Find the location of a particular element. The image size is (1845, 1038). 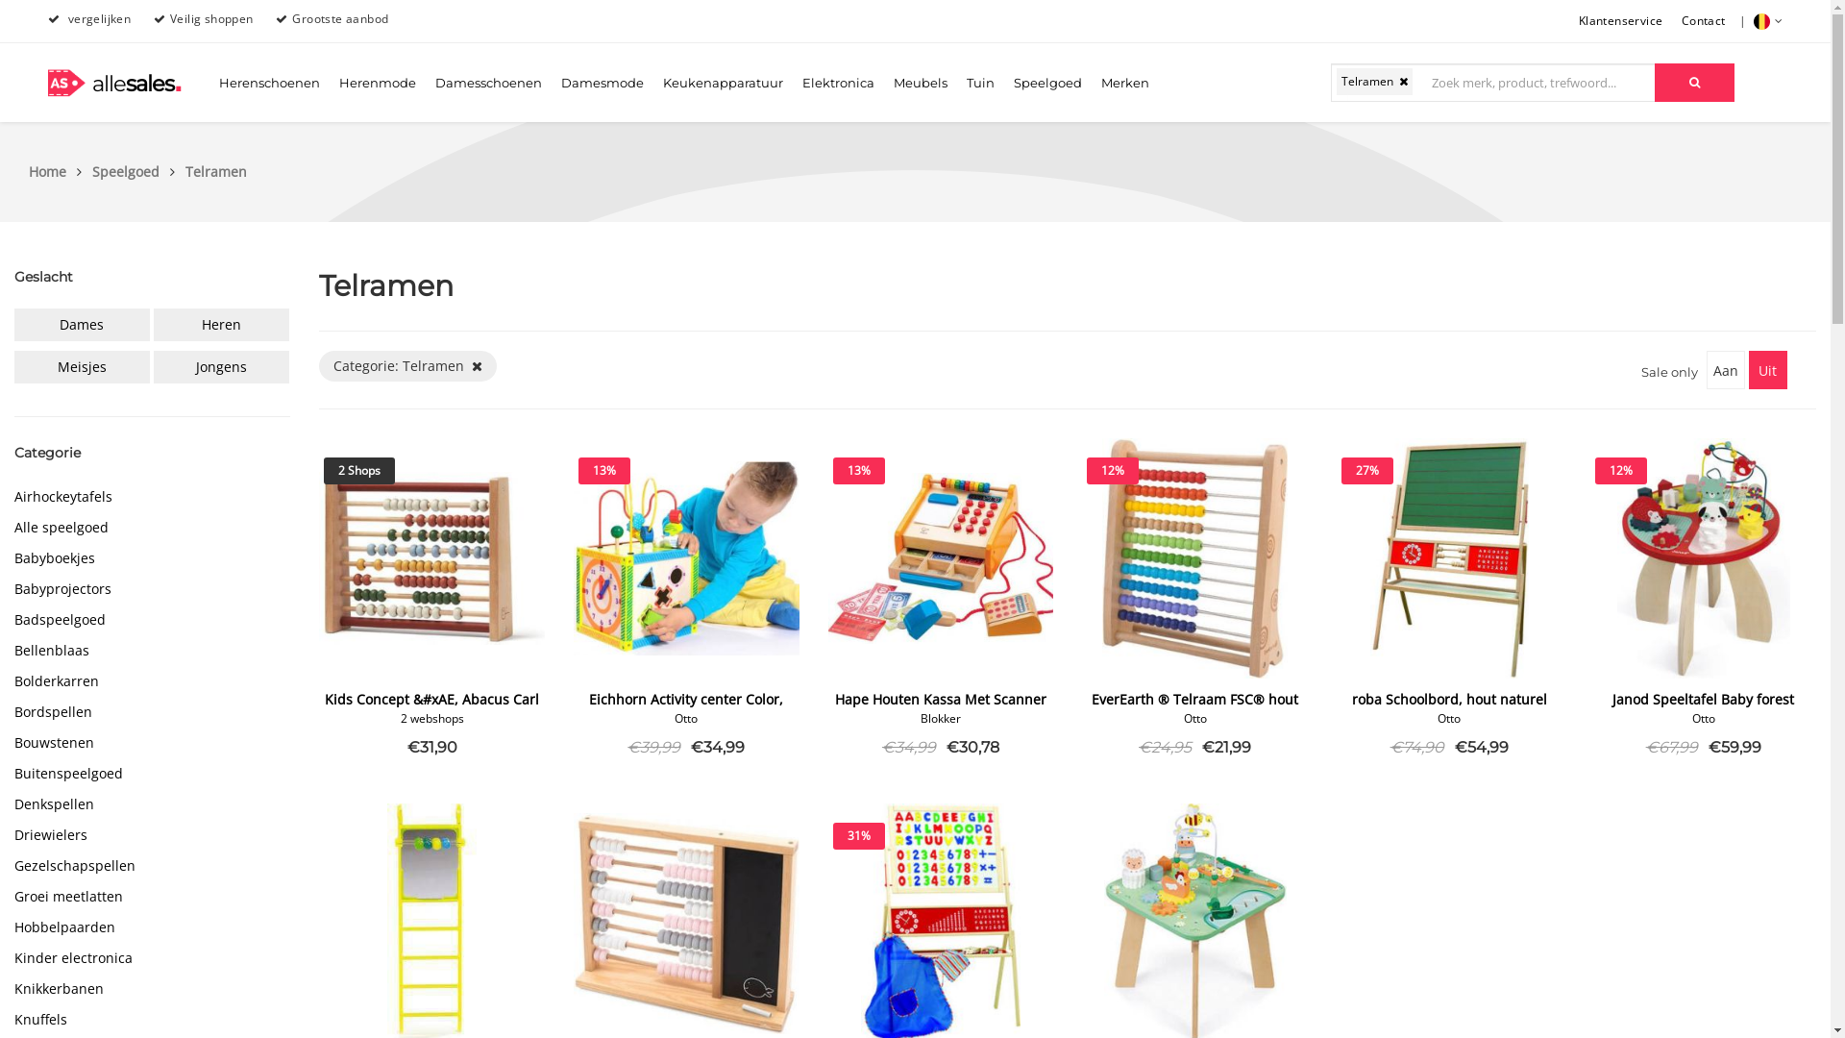

'Otto' is located at coordinates (686, 718).